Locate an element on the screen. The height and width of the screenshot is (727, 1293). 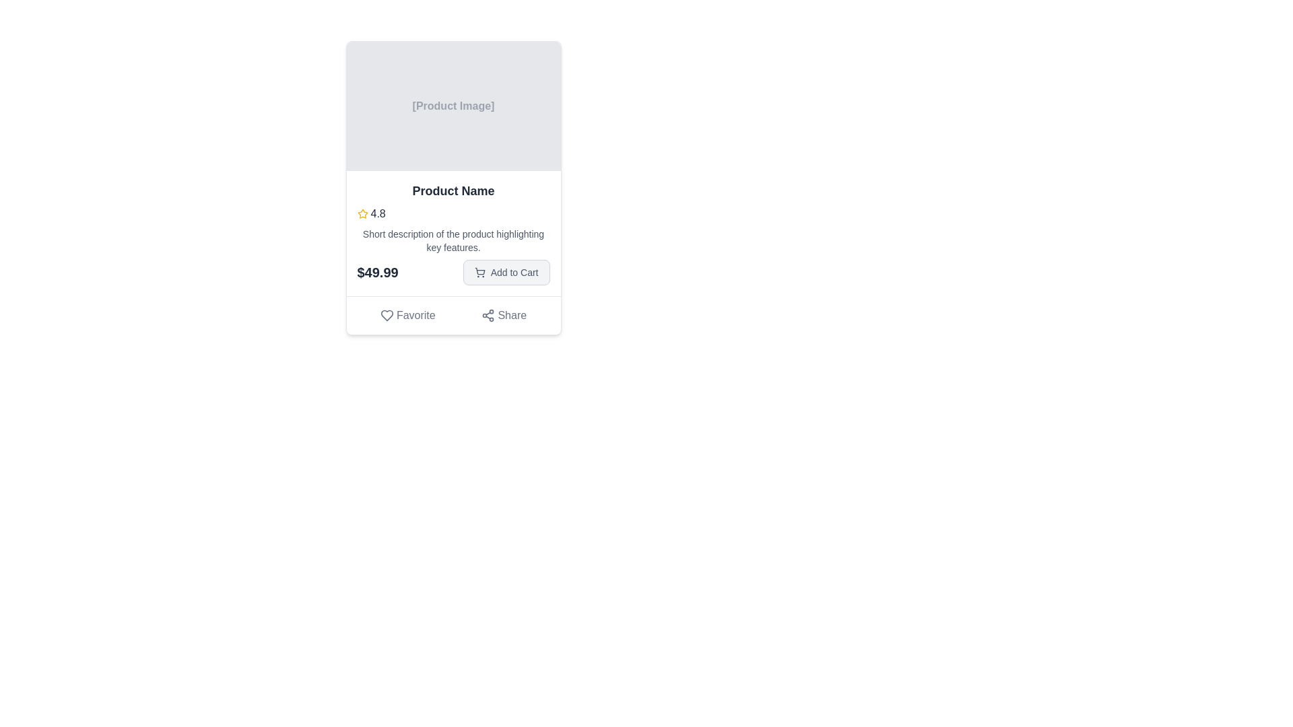
the heart-shaped outline icon within the 'Favorite' button at the bottom left of the card component to favorite the item is located at coordinates (386, 316).